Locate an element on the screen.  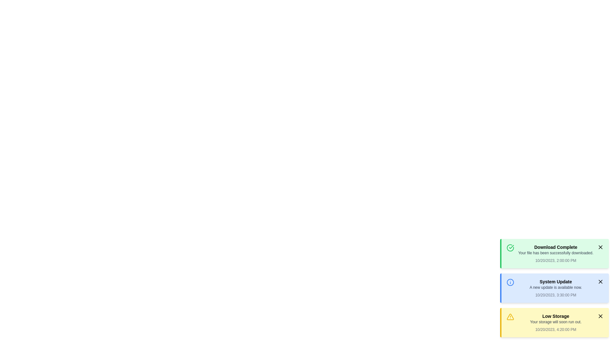
the 'Download Complete' notification in the upper right corner of the viewport, which features a bolded title and a green-themed notification box is located at coordinates (555, 253).